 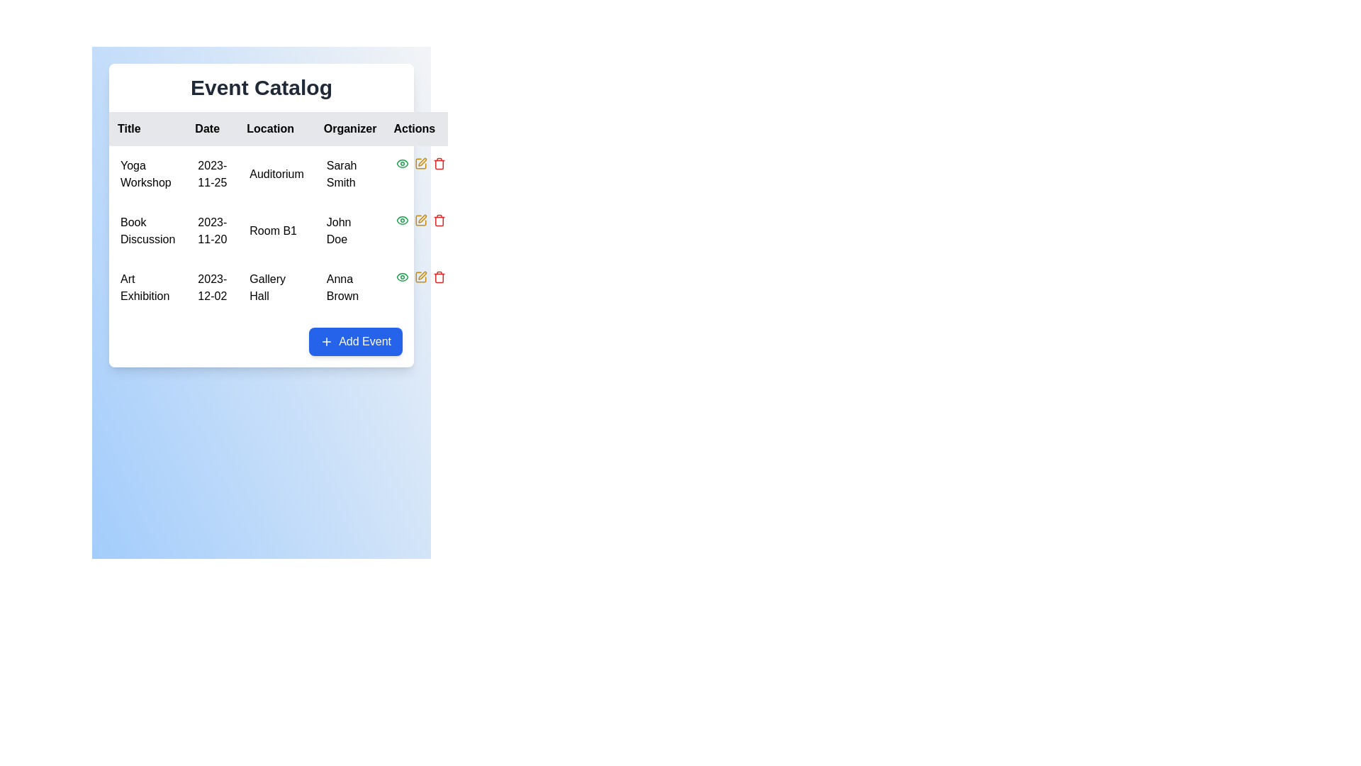 What do you see at coordinates (283, 231) in the screenshot?
I see `the second row of the table containing 'Book Discussion', '2023-11-20', 'Room B1', and 'John Doe'` at bounding box center [283, 231].